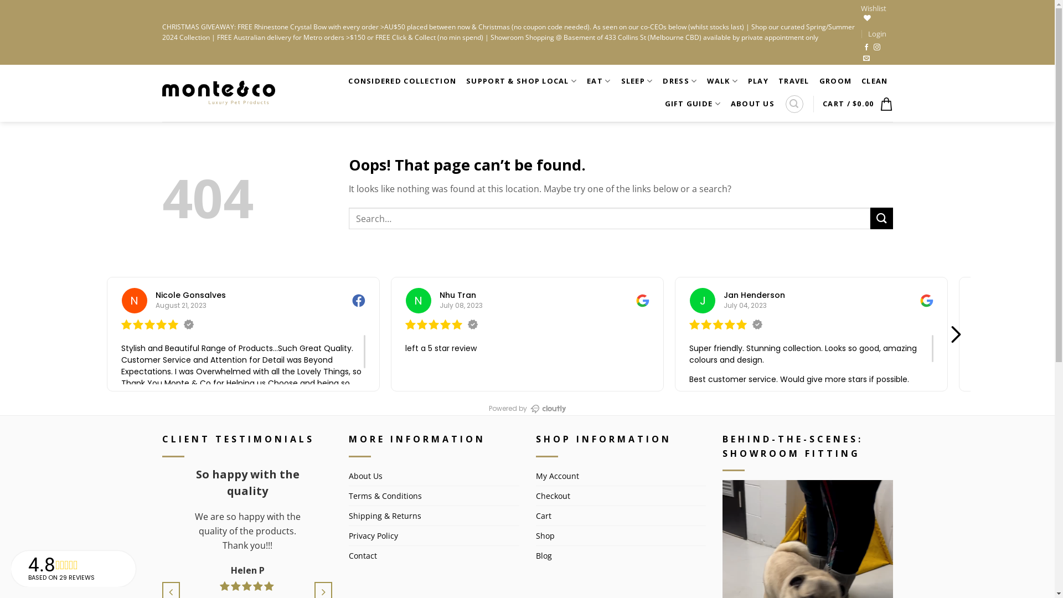 This screenshot has height=598, width=1063. What do you see at coordinates (348, 475) in the screenshot?
I see `'About Us'` at bounding box center [348, 475].